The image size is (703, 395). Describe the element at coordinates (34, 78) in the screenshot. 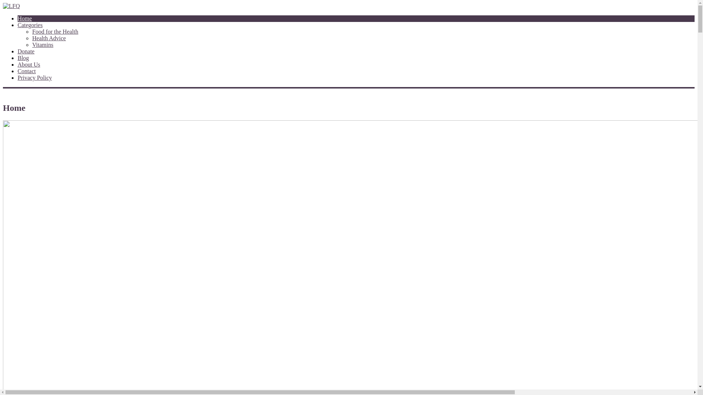

I see `'Privacy Policy'` at that location.